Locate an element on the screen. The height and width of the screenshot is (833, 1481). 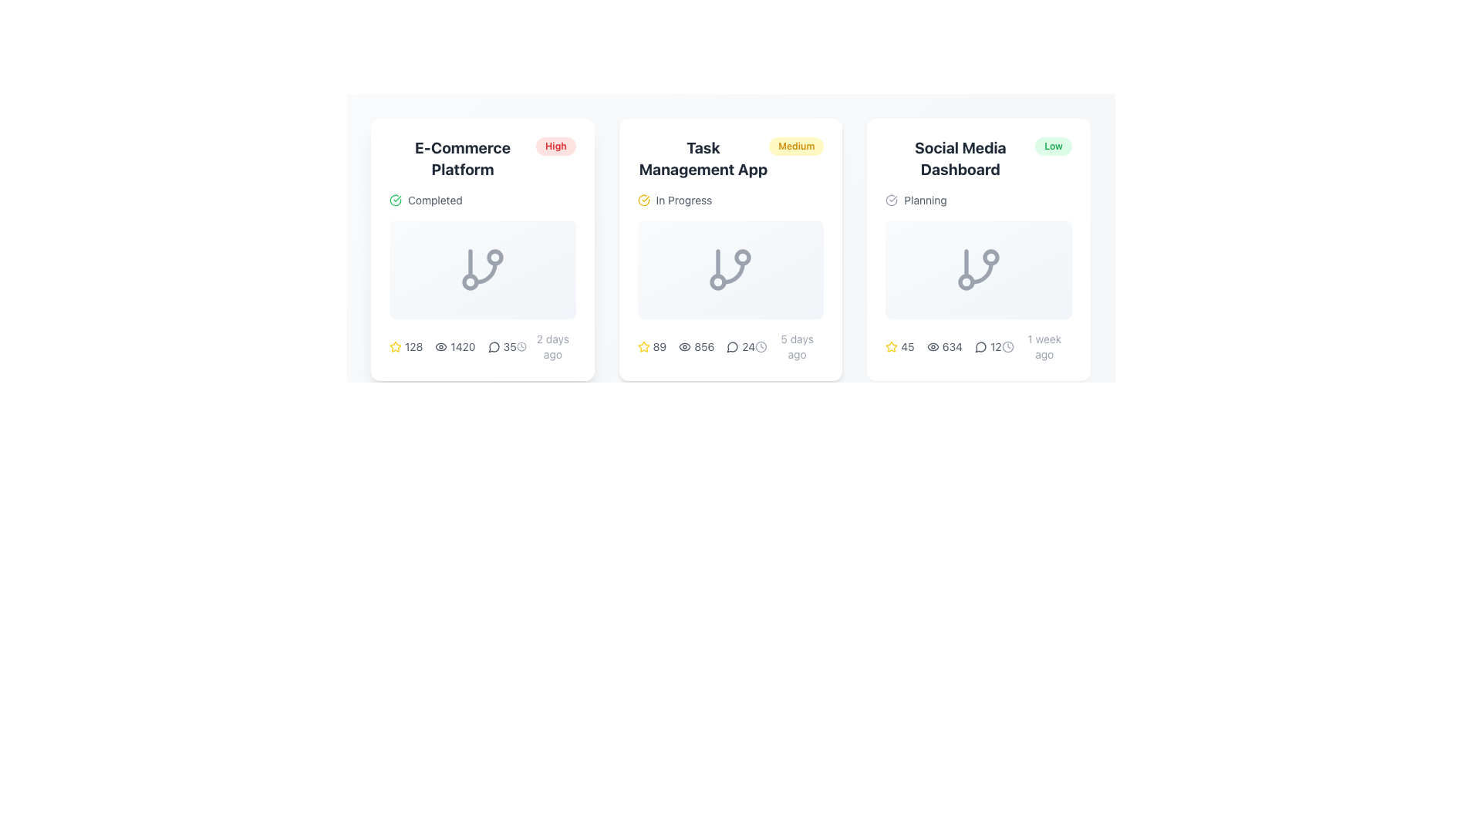
the comment or message counter text label located at the bottom section of the first card, following the eye icon and preceding the text time marker is located at coordinates (502, 347).